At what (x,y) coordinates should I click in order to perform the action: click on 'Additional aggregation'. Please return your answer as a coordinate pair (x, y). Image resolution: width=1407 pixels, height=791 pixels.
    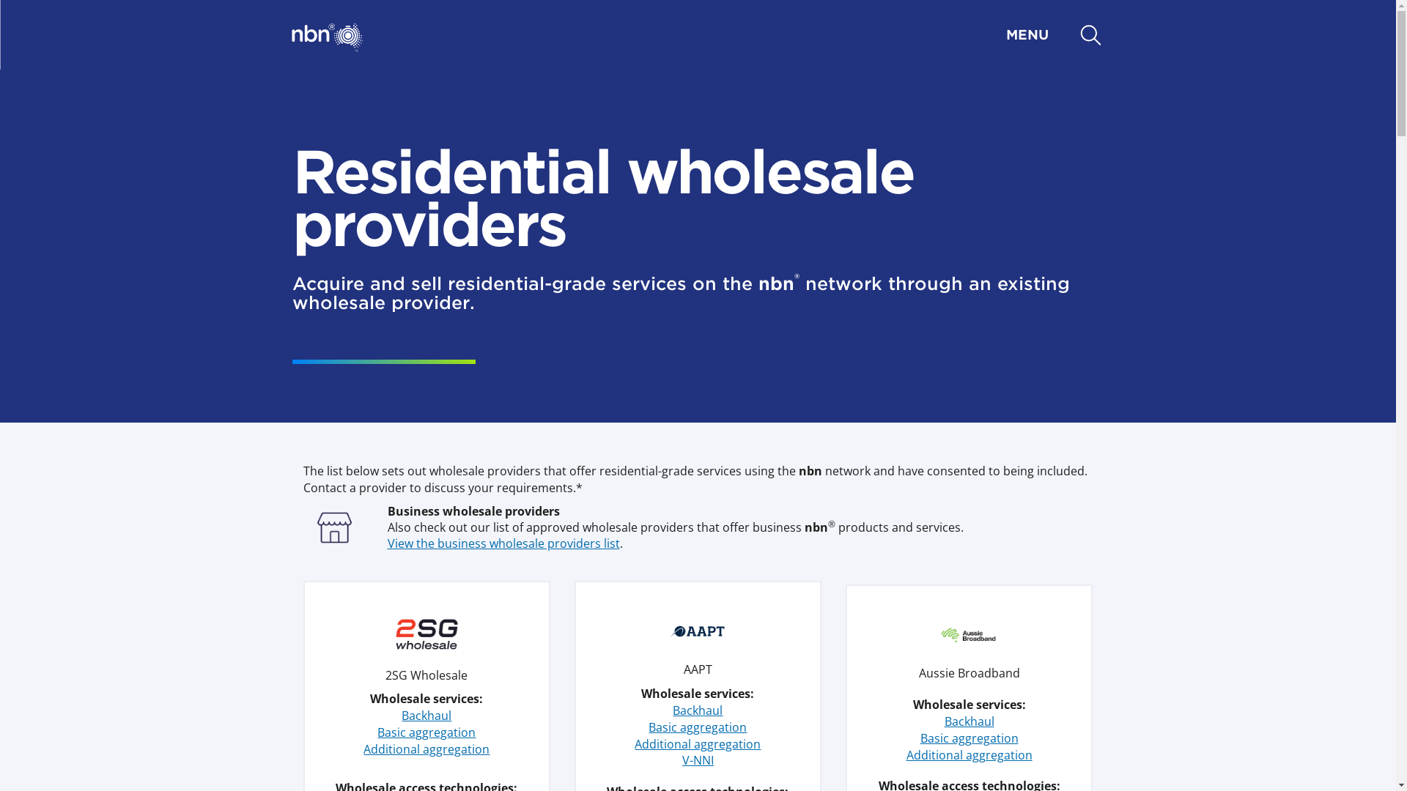
    Looking at the image, I should click on (425, 749).